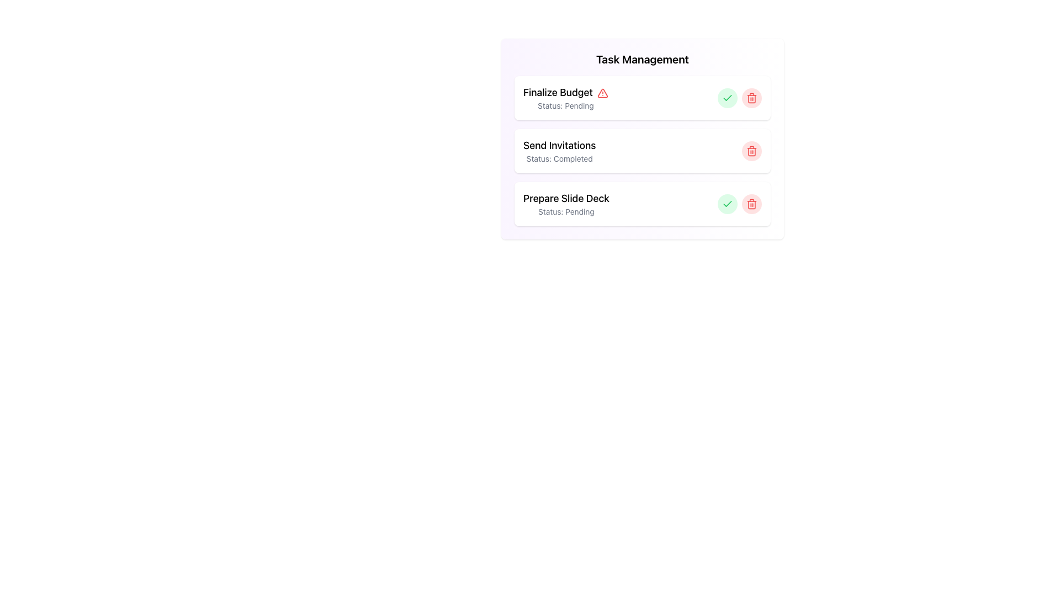 The image size is (1060, 596). What do you see at coordinates (728, 204) in the screenshot?
I see `the circular green button with a green checkmark icon at its center, located in the lower section of the 'Prepare Slide Deck' row in the 'Task Management' interface` at bounding box center [728, 204].